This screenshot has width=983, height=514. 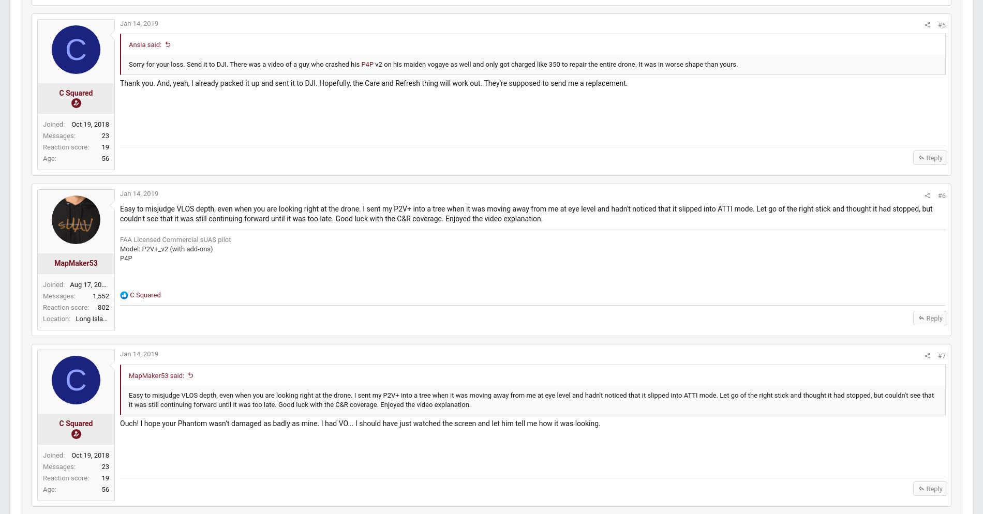 What do you see at coordinates (100, 328) in the screenshot?
I see `'Long Island, NY'` at bounding box center [100, 328].